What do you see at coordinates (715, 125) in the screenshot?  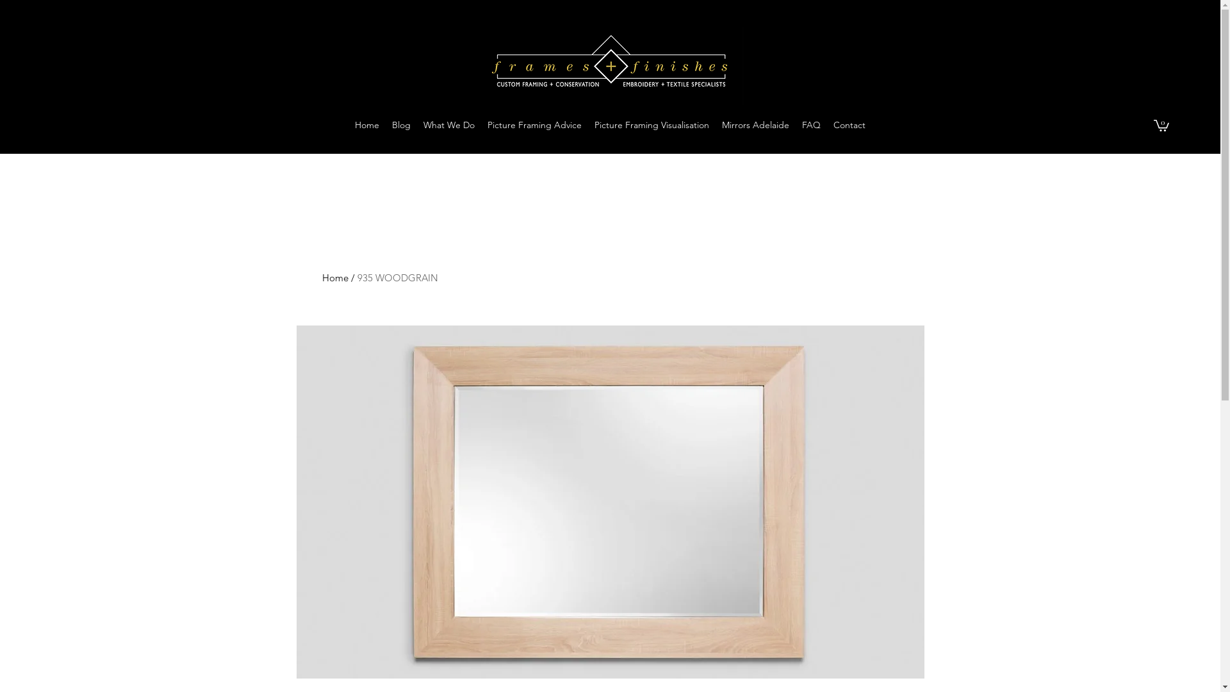 I see `'Mirrors Adelaide'` at bounding box center [715, 125].